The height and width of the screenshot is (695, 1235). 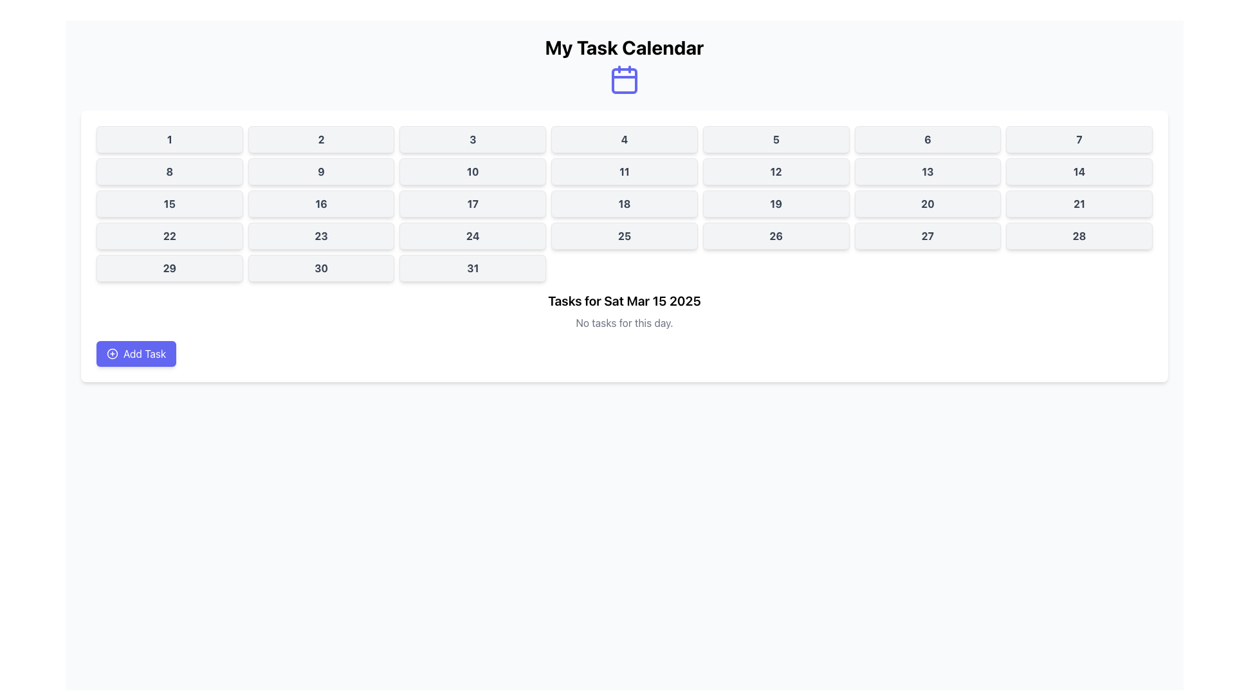 I want to click on the rectangular button with rounded corners labeled '8', which is located in the second row, first column of the date grid under 'My Task Calendar', so click(x=169, y=171).